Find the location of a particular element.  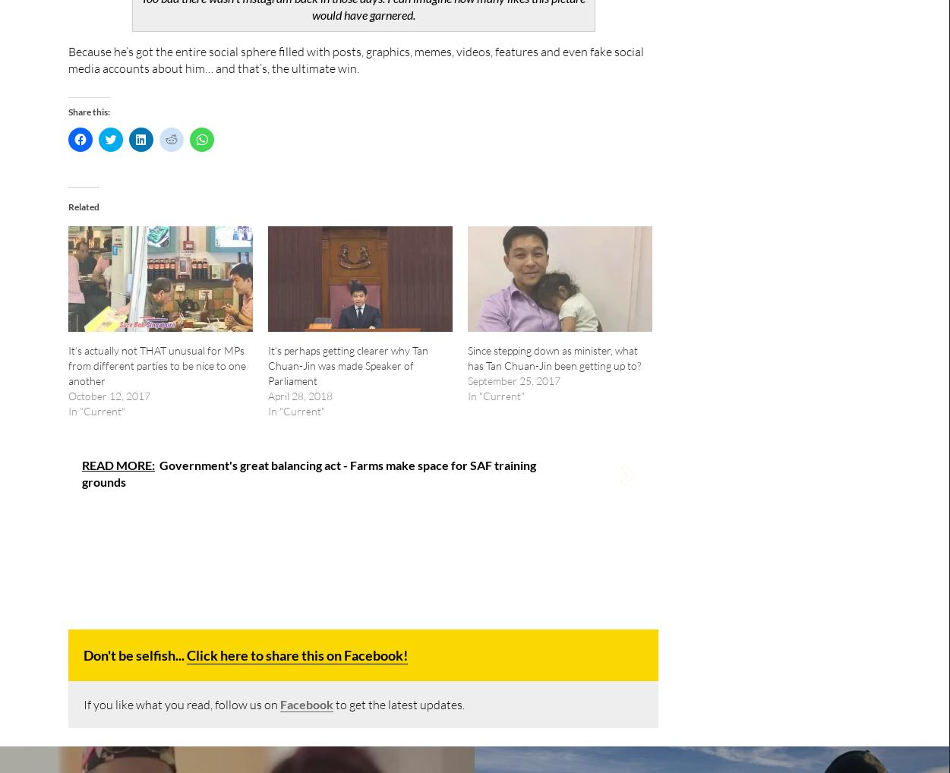

'to get the latest updates.' is located at coordinates (398, 702).